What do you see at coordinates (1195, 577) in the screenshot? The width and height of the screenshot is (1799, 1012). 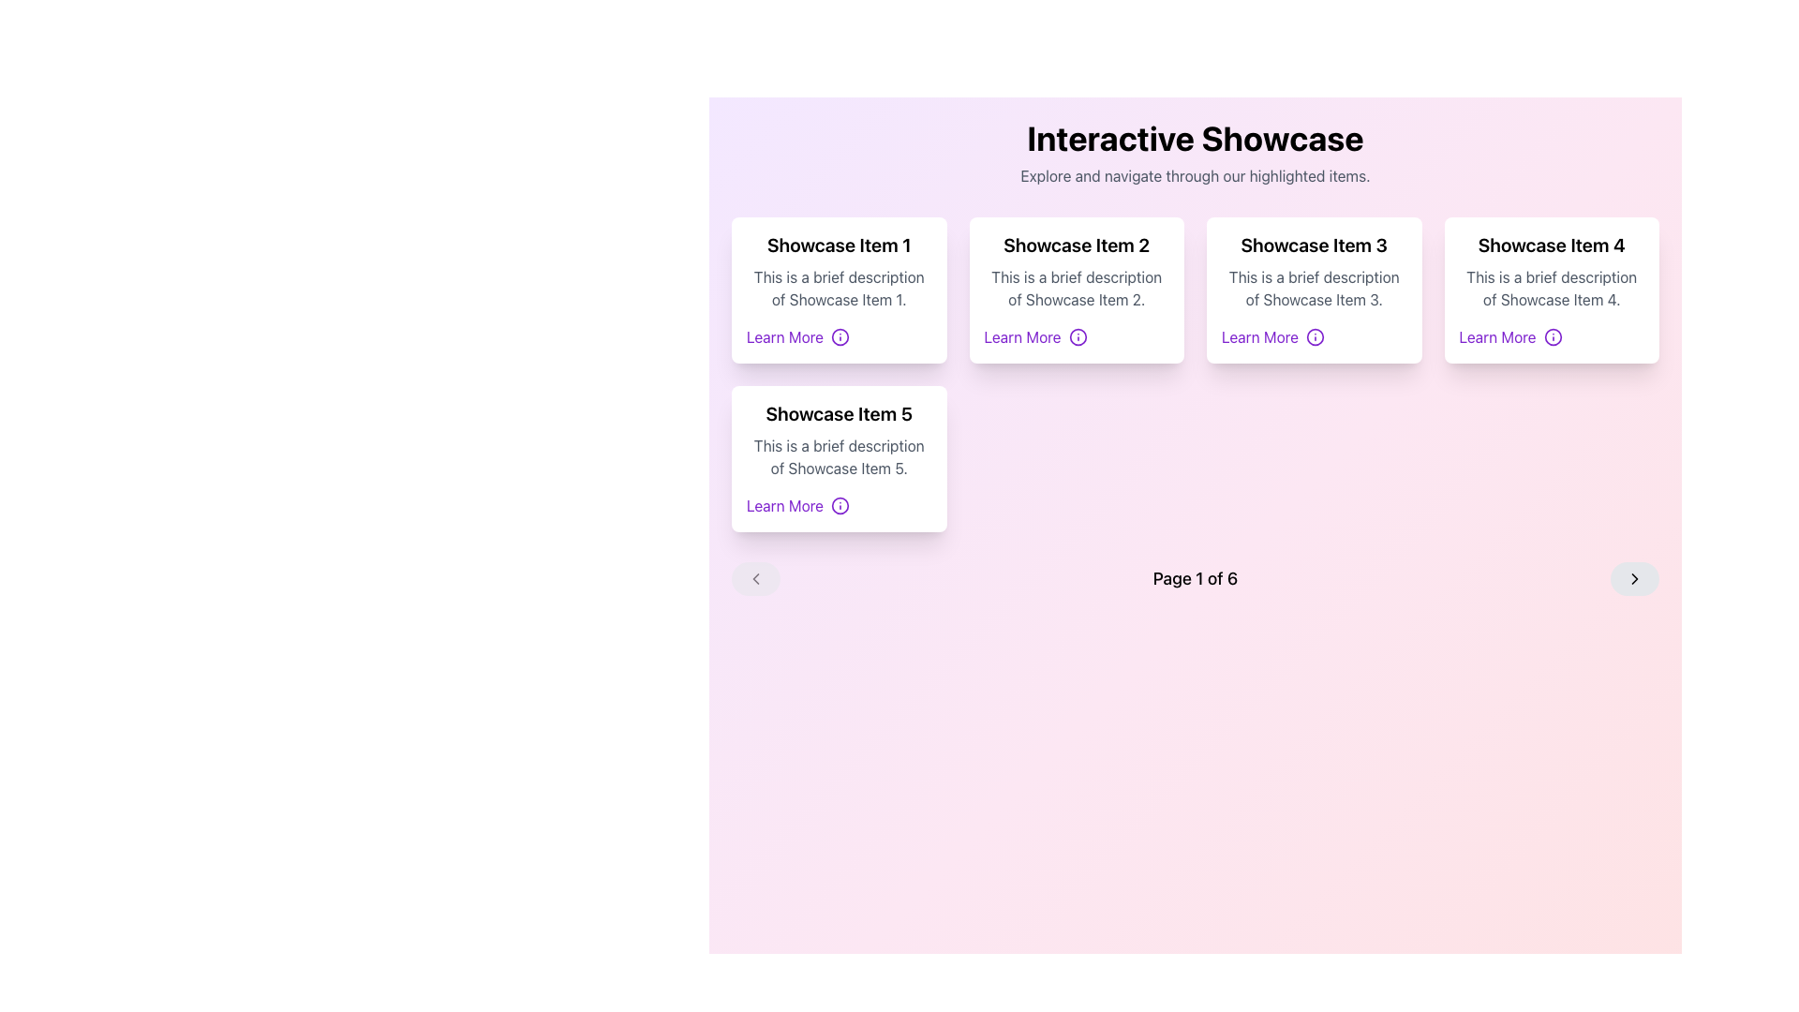 I see `text content displayed as 'Page 1 of 6' in the central pagination indicator at the bottom center of the interface` at bounding box center [1195, 577].